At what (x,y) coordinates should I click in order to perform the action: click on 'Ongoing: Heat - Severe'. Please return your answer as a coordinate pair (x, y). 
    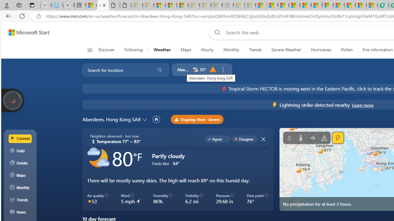
    Looking at the image, I should click on (197, 119).